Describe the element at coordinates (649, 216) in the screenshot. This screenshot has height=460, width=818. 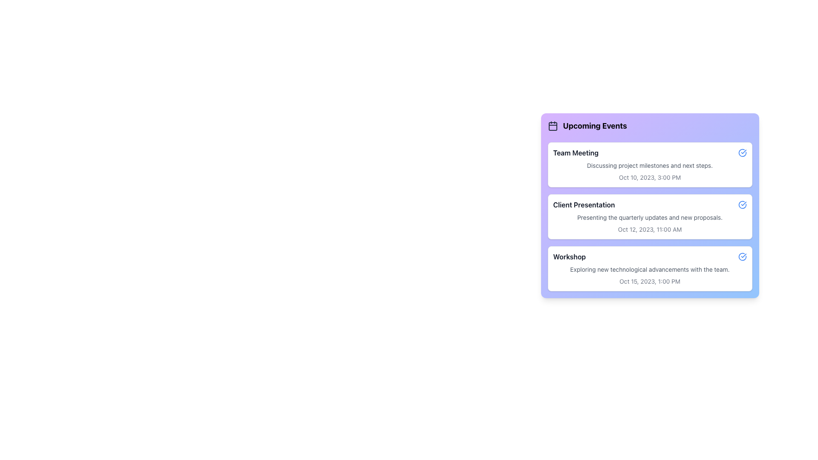
I see `the second list item displaying scheduled events, located between the 'Team Meeting' and 'Workshop' cards` at that location.